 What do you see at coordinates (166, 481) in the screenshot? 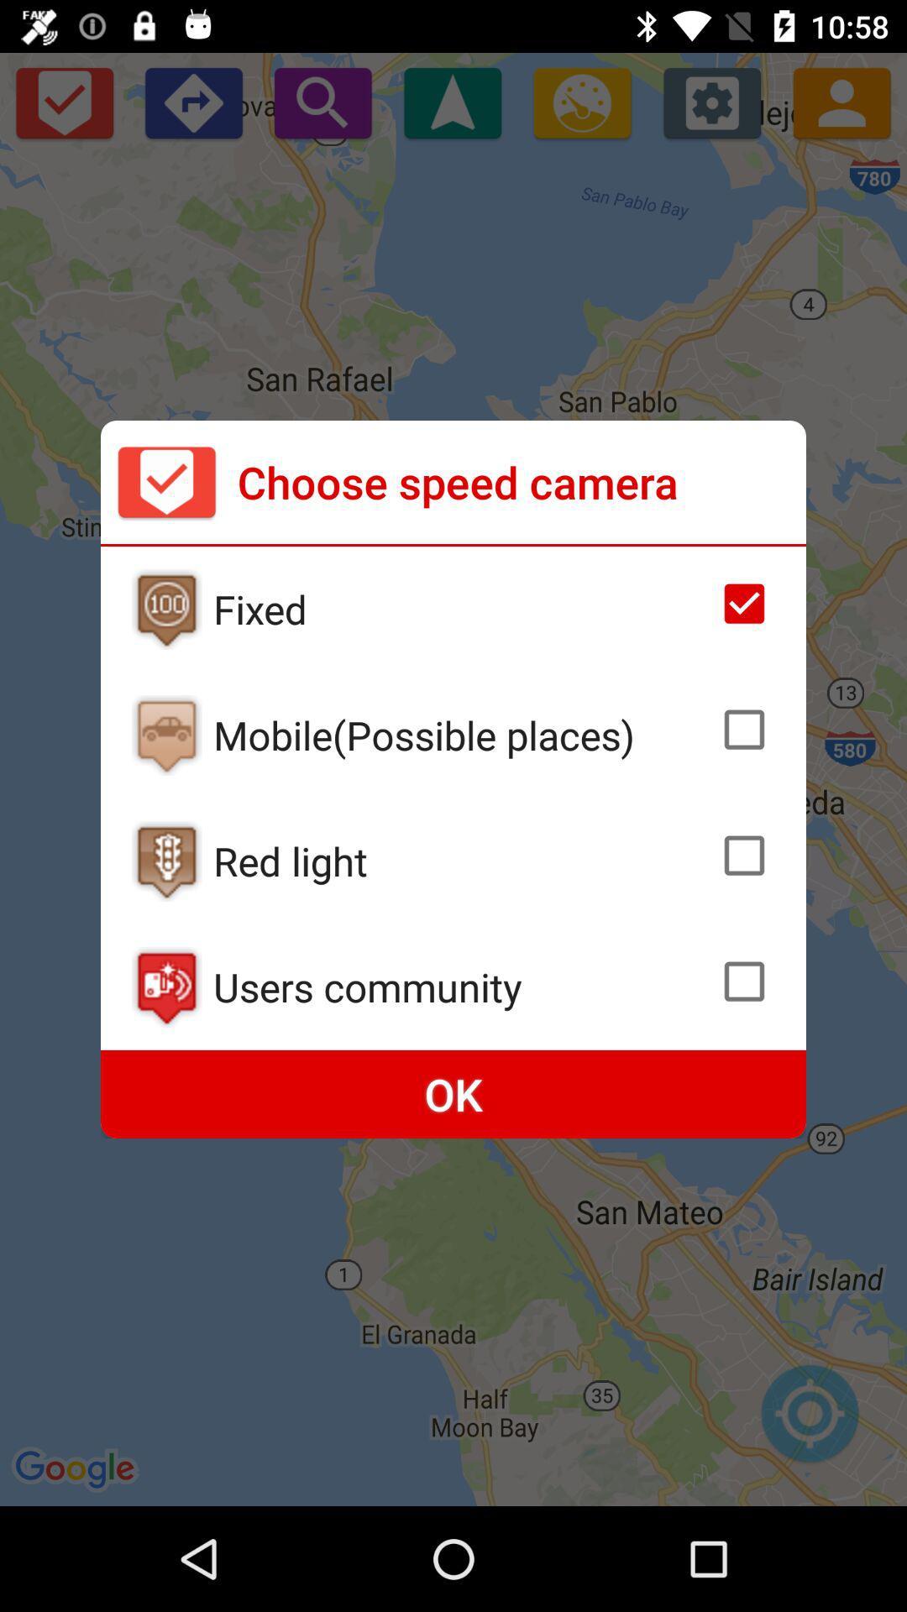
I see `icon at the top left corner` at bounding box center [166, 481].